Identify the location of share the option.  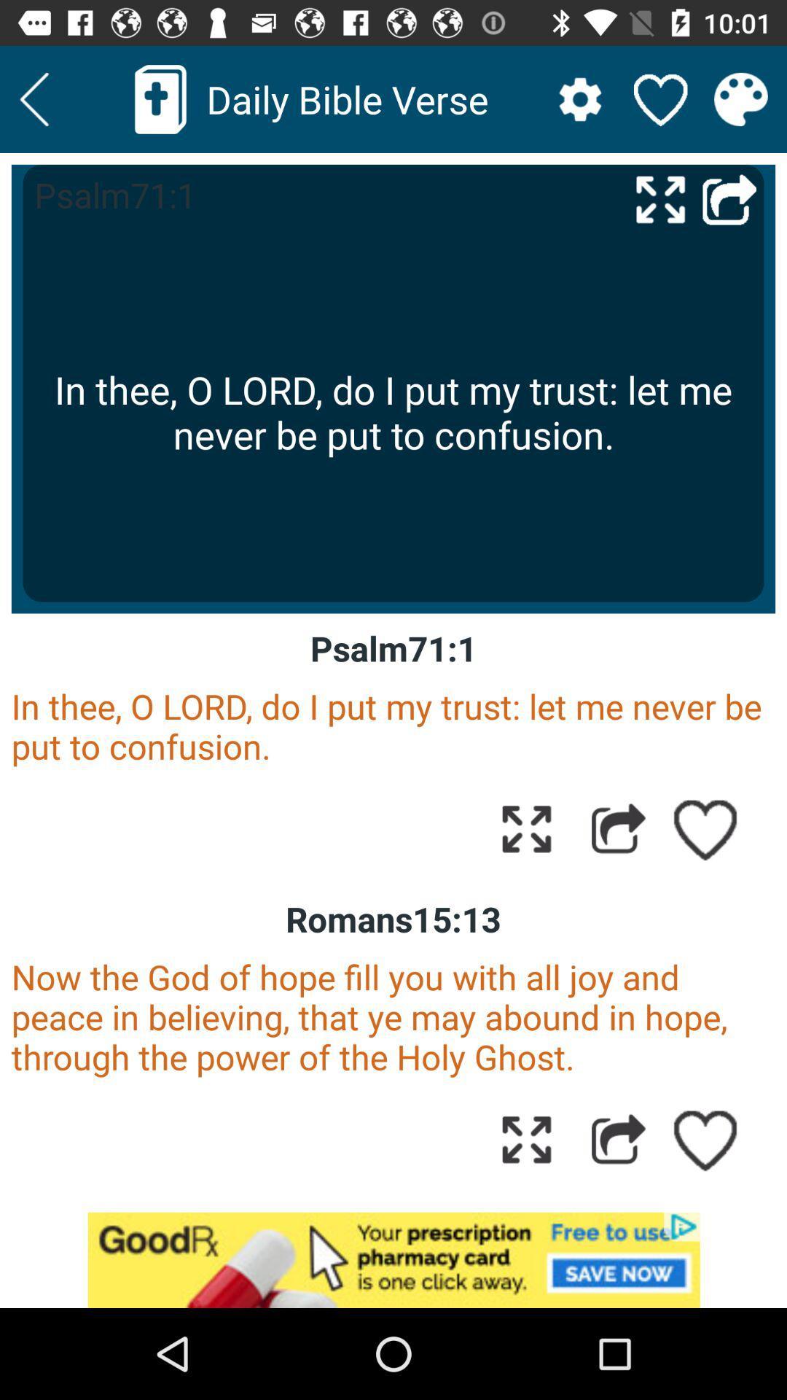
(618, 1138).